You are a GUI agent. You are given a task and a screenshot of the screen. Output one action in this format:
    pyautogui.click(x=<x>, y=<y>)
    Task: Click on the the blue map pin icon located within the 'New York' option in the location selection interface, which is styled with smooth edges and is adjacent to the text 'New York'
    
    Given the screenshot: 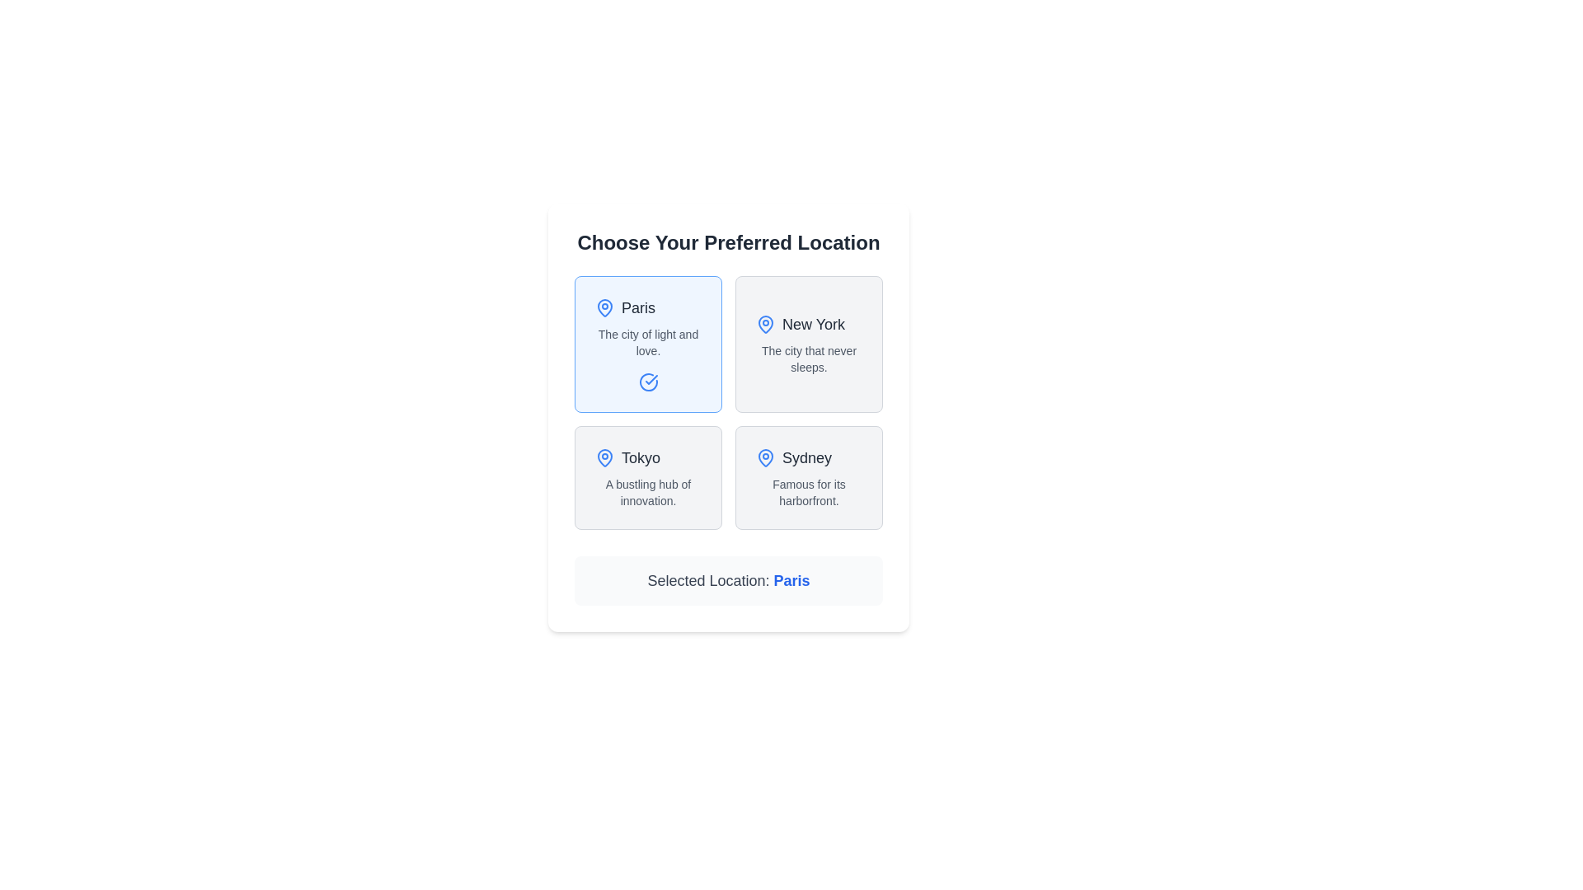 What is the action you would take?
    pyautogui.click(x=765, y=324)
    